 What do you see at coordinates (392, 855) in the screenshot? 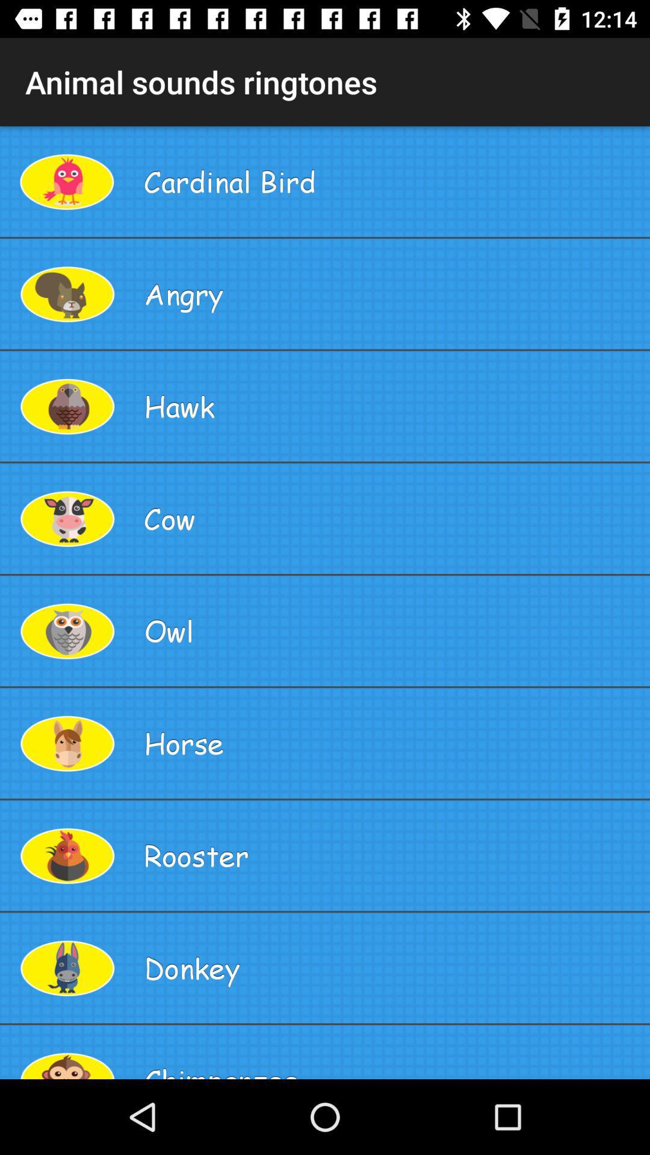
I see `rooster` at bounding box center [392, 855].